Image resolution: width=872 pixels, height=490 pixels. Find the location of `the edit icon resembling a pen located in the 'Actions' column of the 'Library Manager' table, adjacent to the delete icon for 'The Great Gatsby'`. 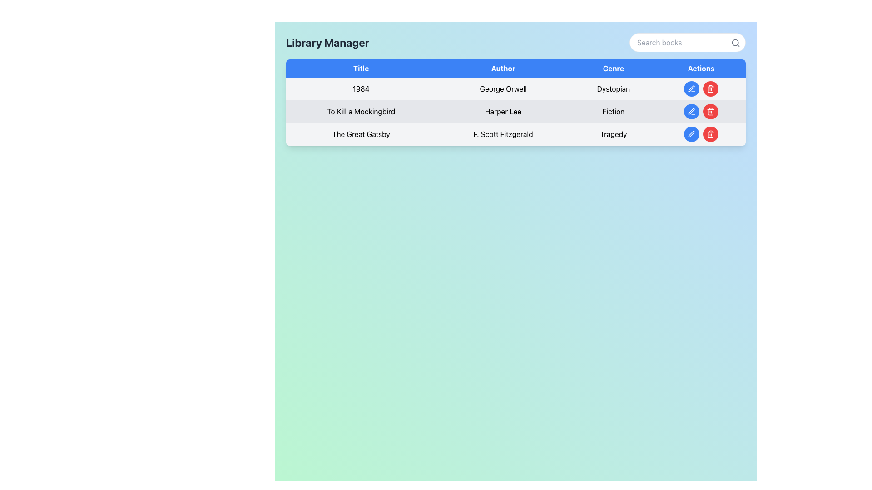

the edit icon resembling a pen located in the 'Actions' column of the 'Library Manager' table, adjacent to the delete icon for 'The Great Gatsby' is located at coordinates (691, 134).